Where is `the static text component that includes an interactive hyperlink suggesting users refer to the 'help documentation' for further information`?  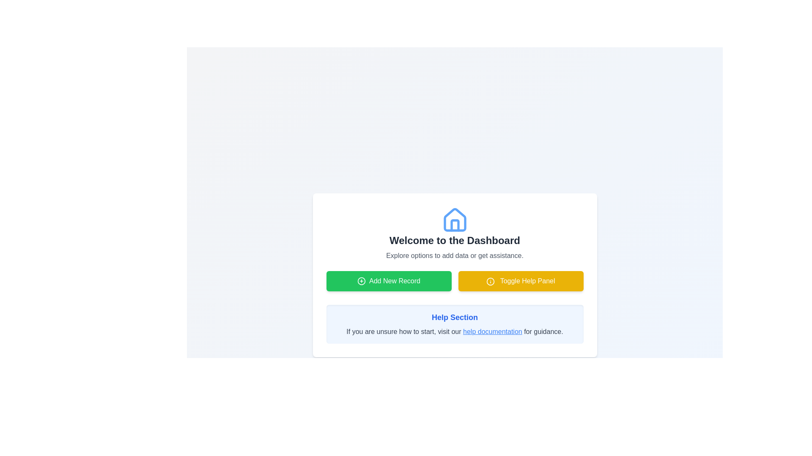 the static text component that includes an interactive hyperlink suggesting users refer to the 'help documentation' for further information is located at coordinates (454, 331).